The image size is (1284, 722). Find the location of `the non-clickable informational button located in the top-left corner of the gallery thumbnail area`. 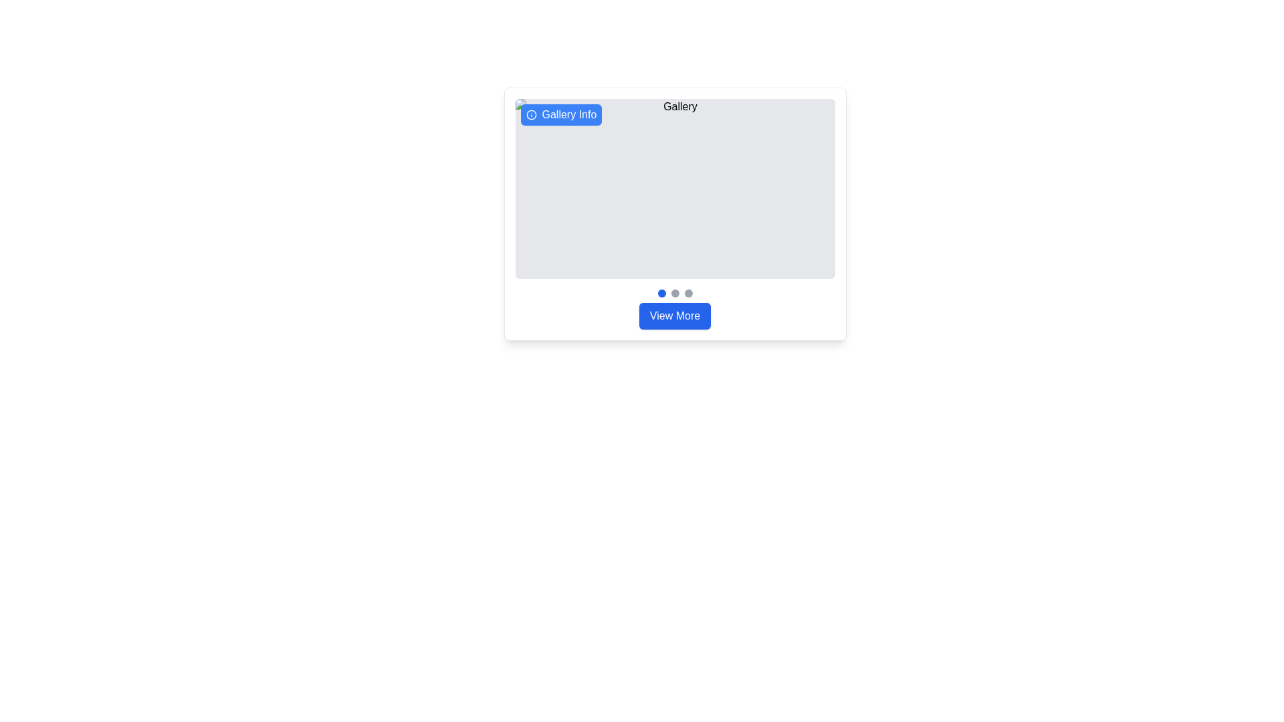

the non-clickable informational button located in the top-left corner of the gallery thumbnail area is located at coordinates (561, 114).